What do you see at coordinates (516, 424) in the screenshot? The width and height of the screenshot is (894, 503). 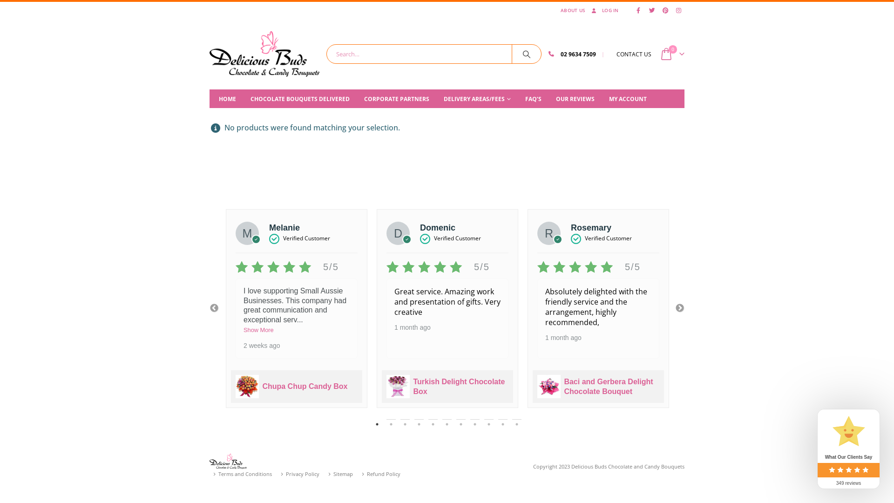 I see `'11'` at bounding box center [516, 424].